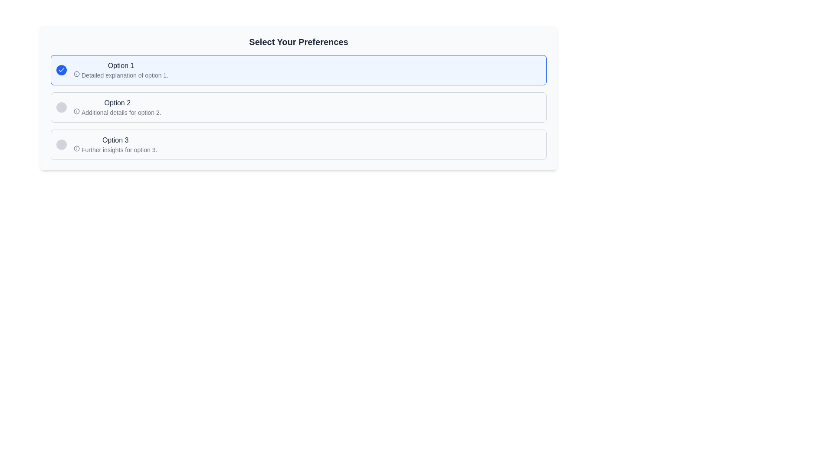 The width and height of the screenshot is (833, 468). Describe the element at coordinates (120, 70) in the screenshot. I see `content displayed in the Textual display block, which shows the title and description of the first selectable option in the vertically stacked list` at that location.